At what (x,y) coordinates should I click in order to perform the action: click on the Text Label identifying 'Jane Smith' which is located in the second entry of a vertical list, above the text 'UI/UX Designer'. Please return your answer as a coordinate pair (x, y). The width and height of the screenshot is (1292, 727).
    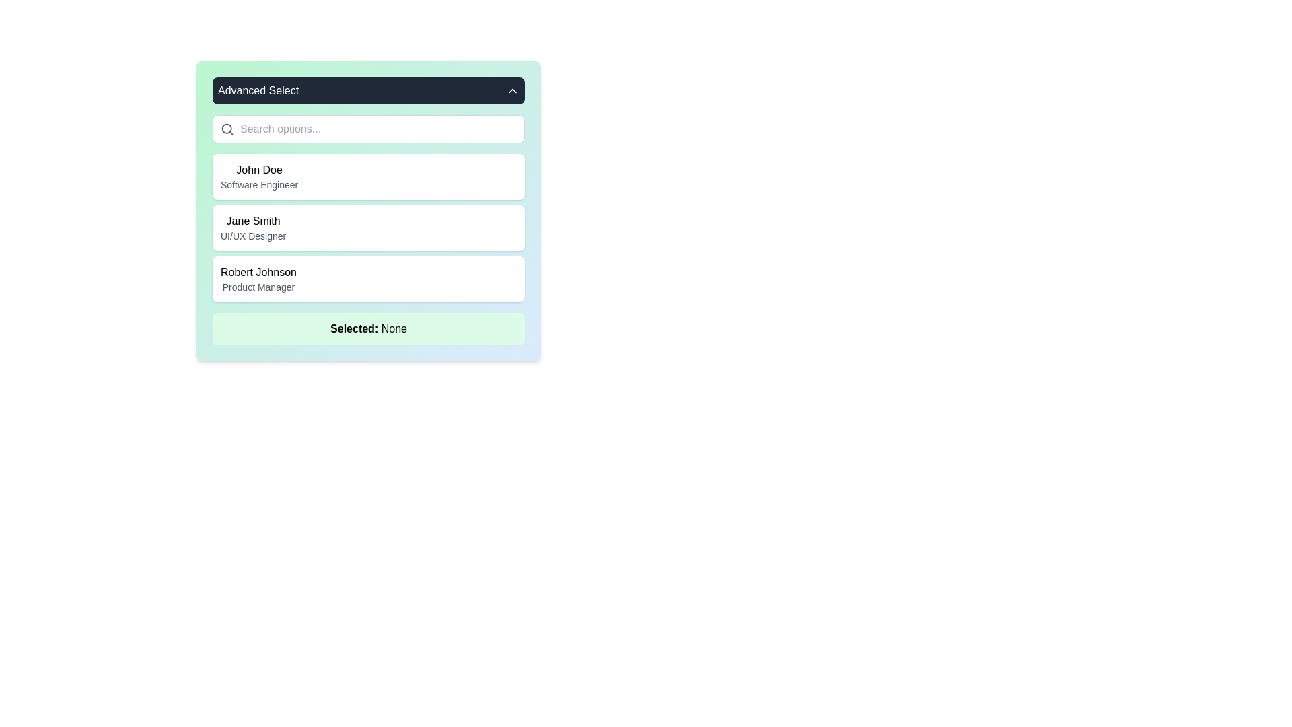
    Looking at the image, I should click on (253, 220).